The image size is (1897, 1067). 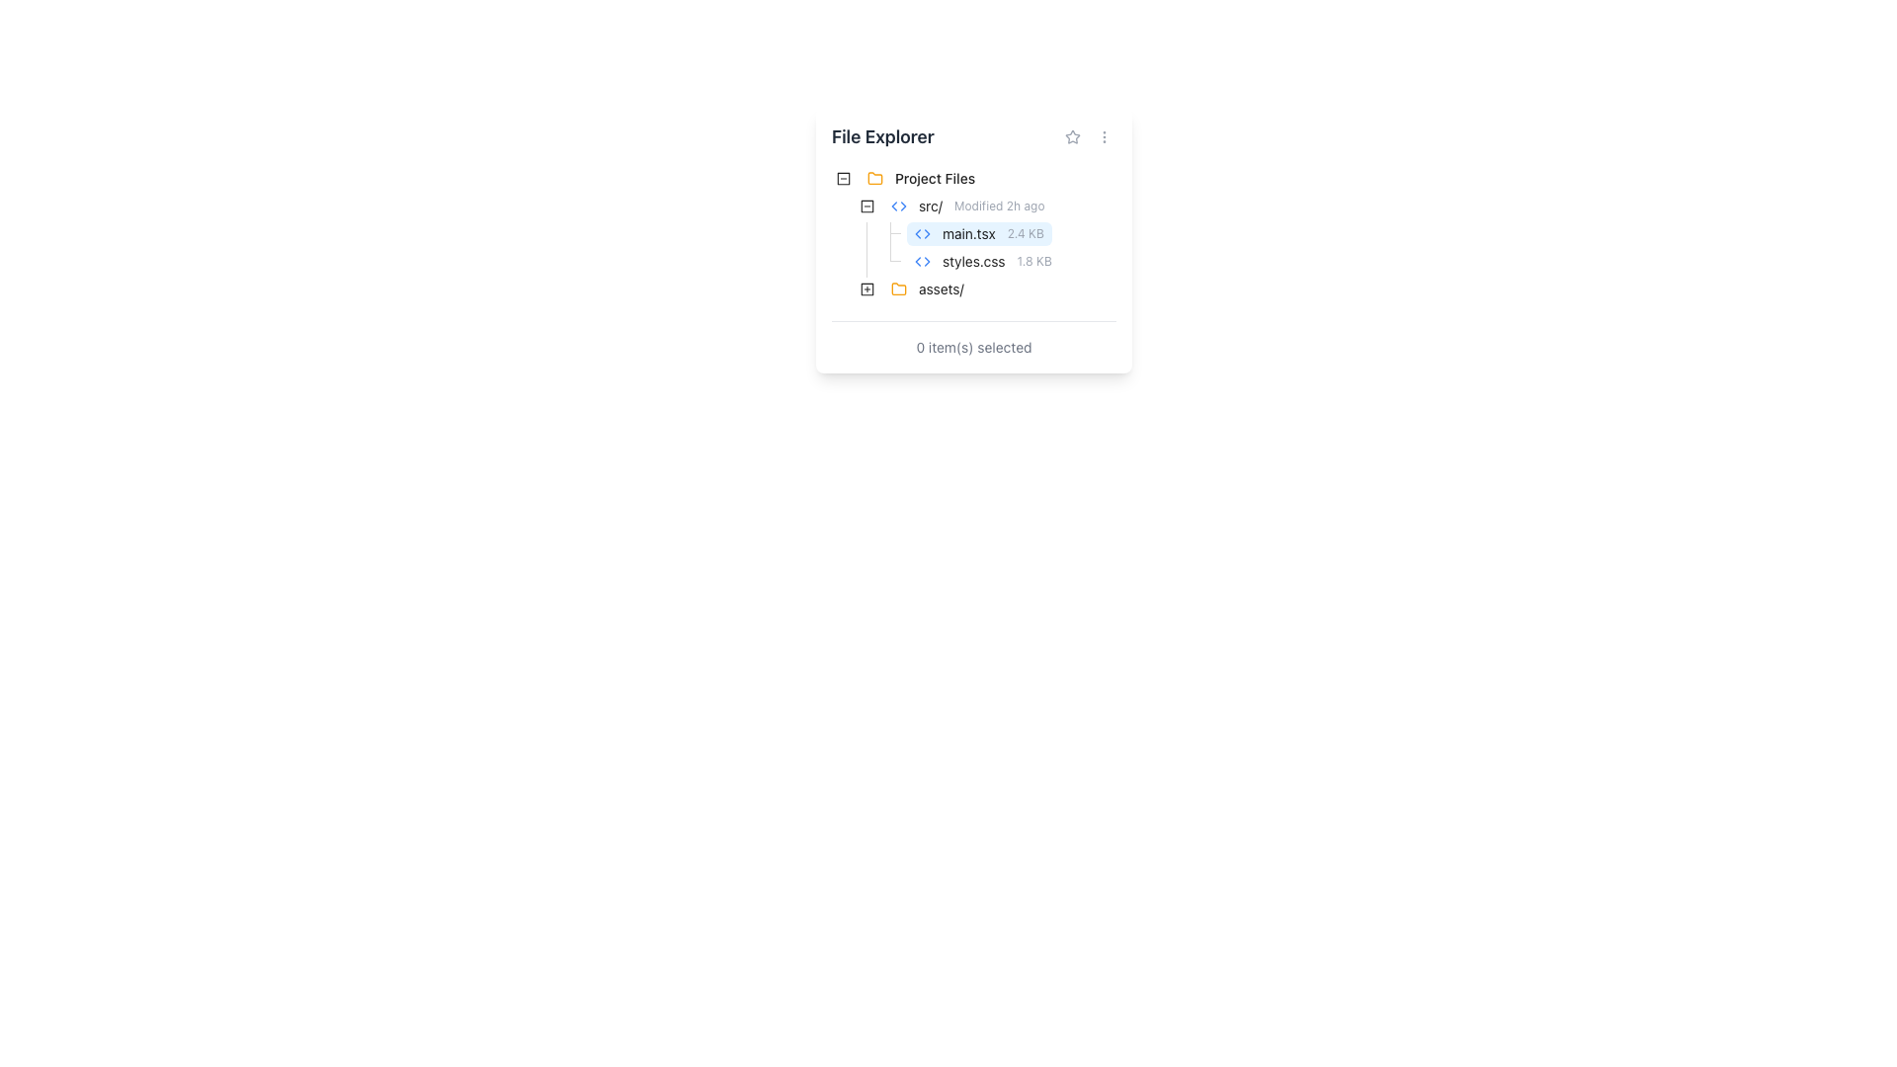 What do you see at coordinates (867, 289) in the screenshot?
I see `the Tree toggle switch icon, which is a square icon with a plus sign inside, located` at bounding box center [867, 289].